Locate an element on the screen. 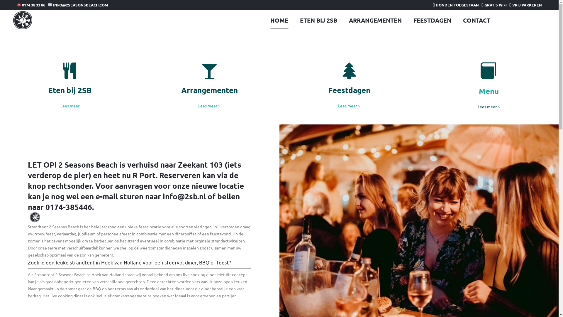 The height and width of the screenshot is (317, 563). 'INFO@2SEASONSBEACH.COM' is located at coordinates (77, 5).